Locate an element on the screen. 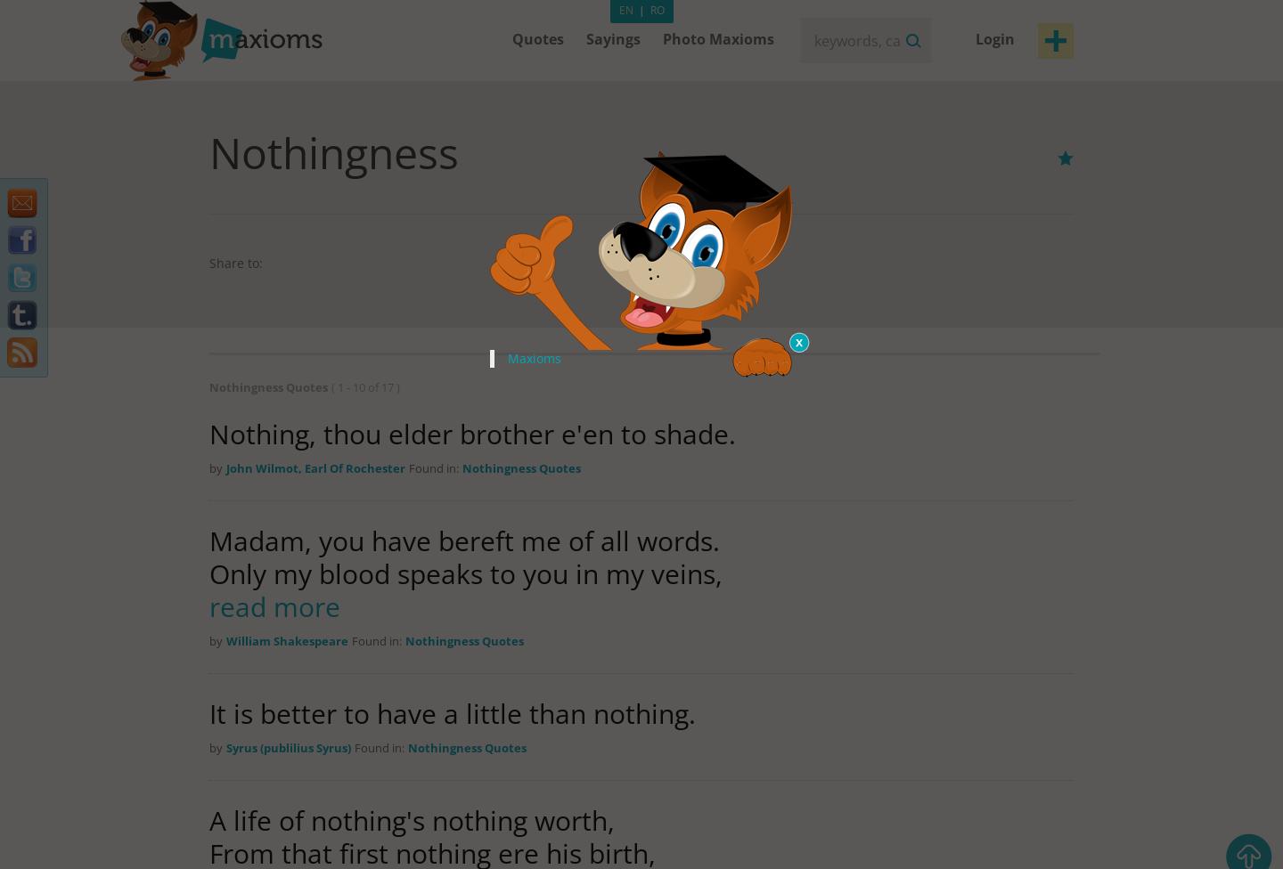  'A life of nothing's nothing worth,' is located at coordinates (209, 819).